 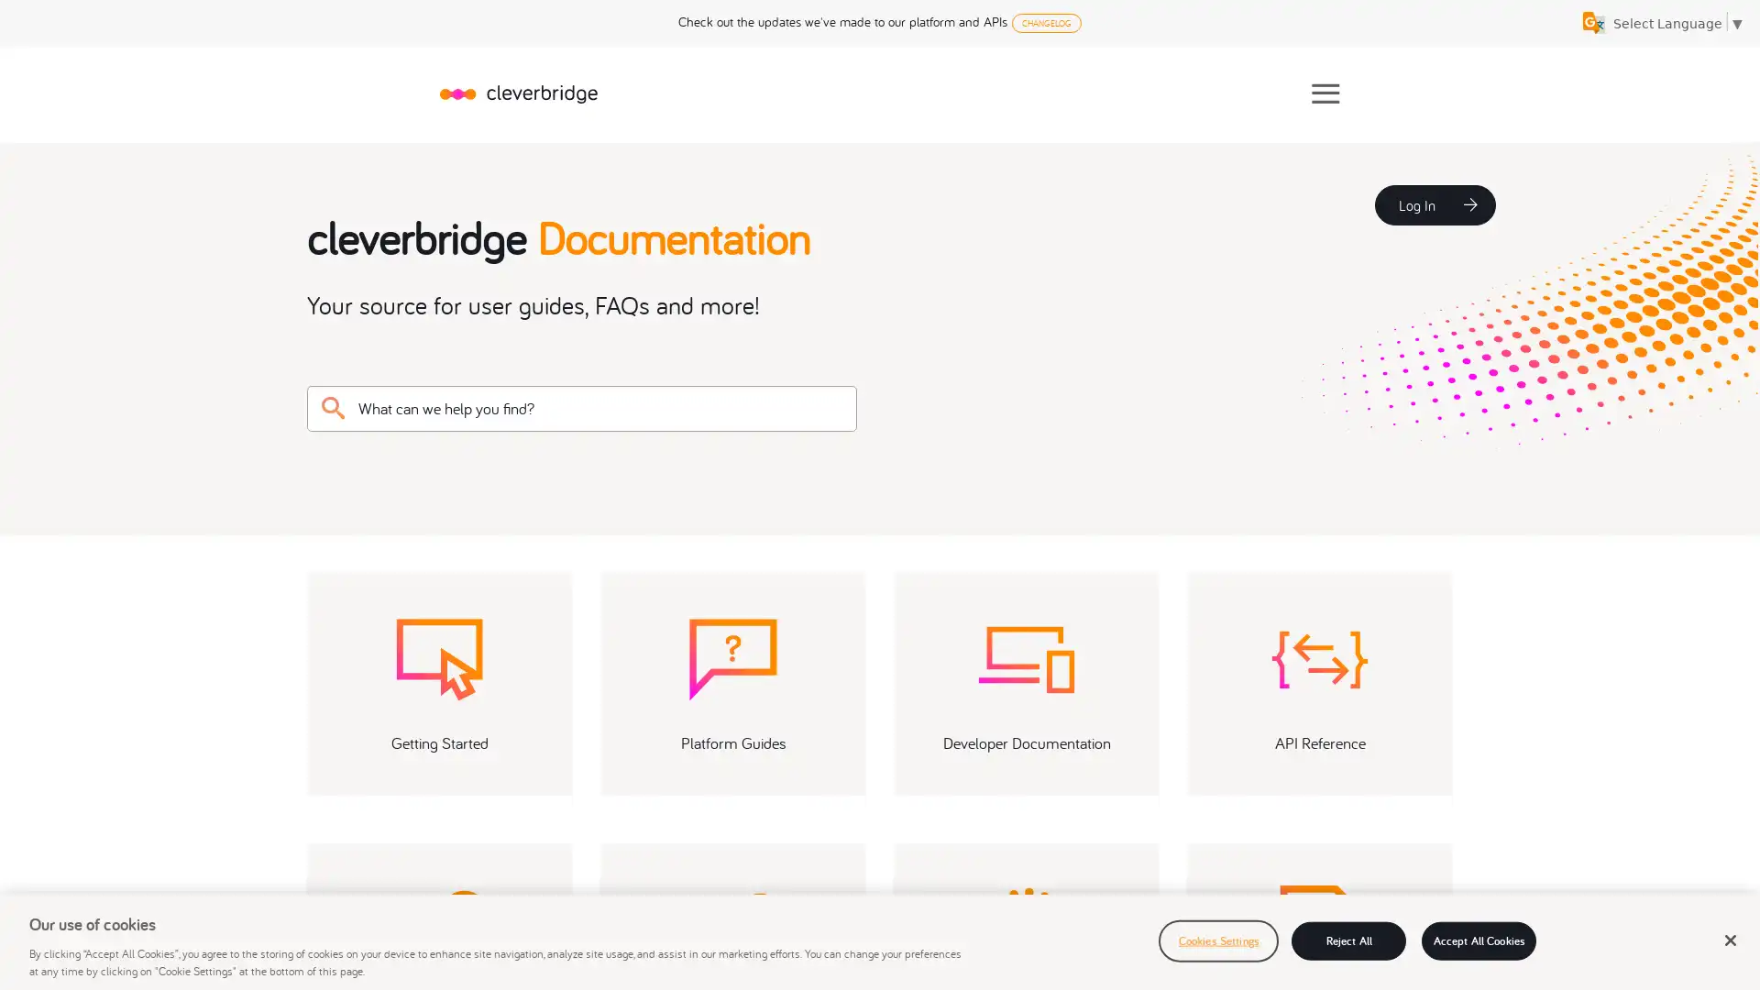 I want to click on Reject All, so click(x=1348, y=940).